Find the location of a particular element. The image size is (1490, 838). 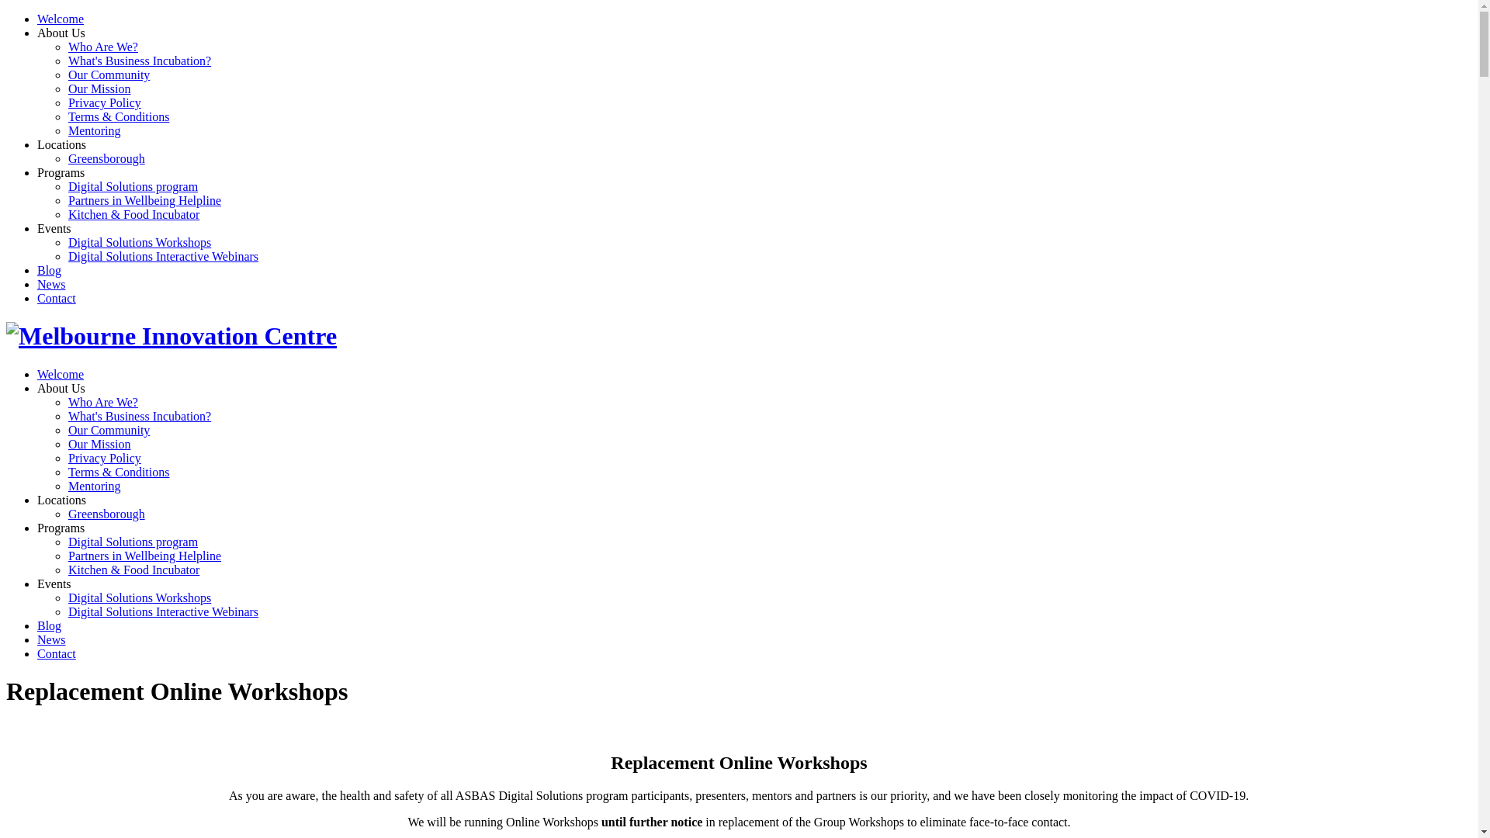

'Digital Solutions Interactive Webinars' is located at coordinates (163, 255).